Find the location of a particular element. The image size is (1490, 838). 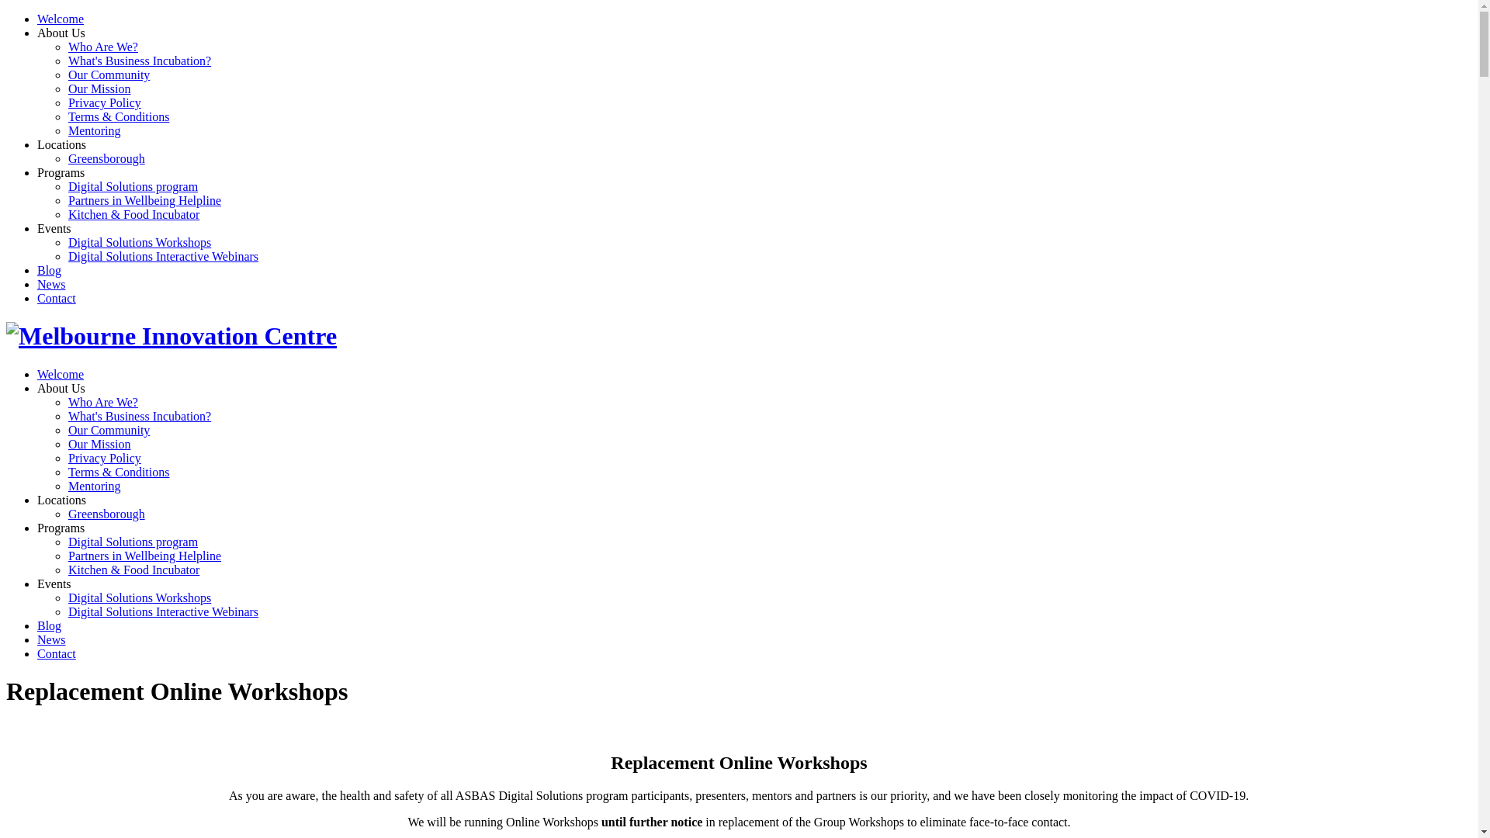

'Digital Solutions Interactive Webinars' is located at coordinates (163, 255).